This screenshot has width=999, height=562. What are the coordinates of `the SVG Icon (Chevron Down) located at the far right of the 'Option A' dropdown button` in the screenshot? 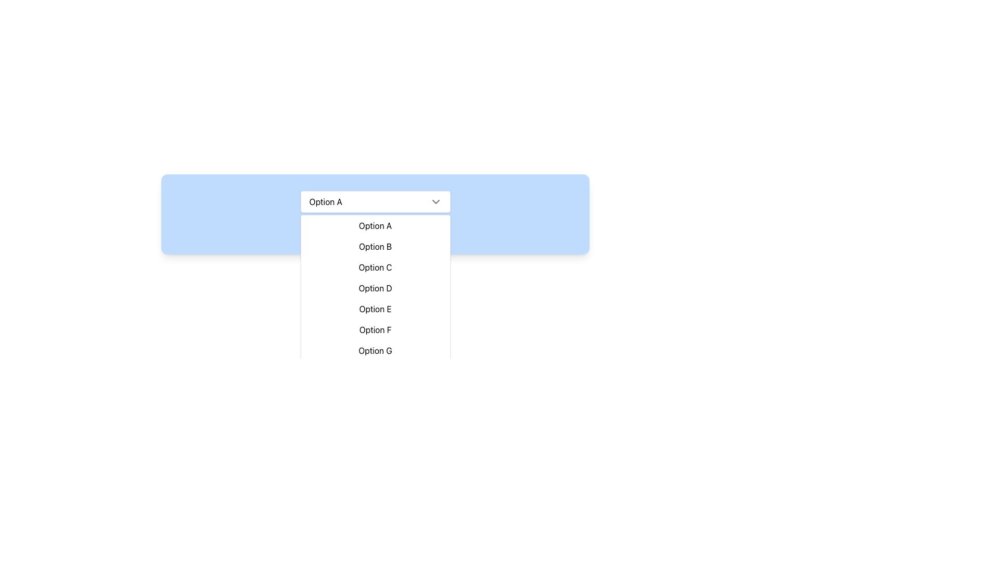 It's located at (436, 202).